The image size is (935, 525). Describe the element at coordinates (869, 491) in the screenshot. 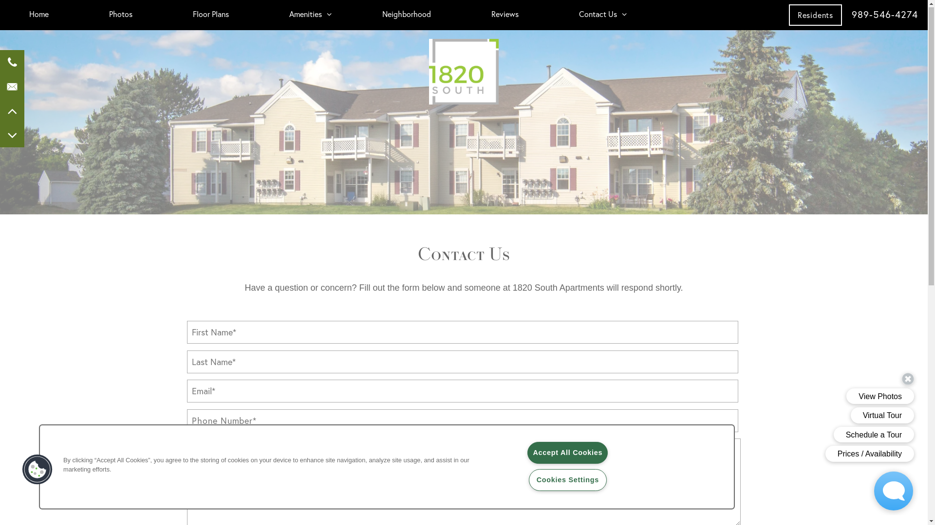

I see `'Knock Chat Bot'` at that location.